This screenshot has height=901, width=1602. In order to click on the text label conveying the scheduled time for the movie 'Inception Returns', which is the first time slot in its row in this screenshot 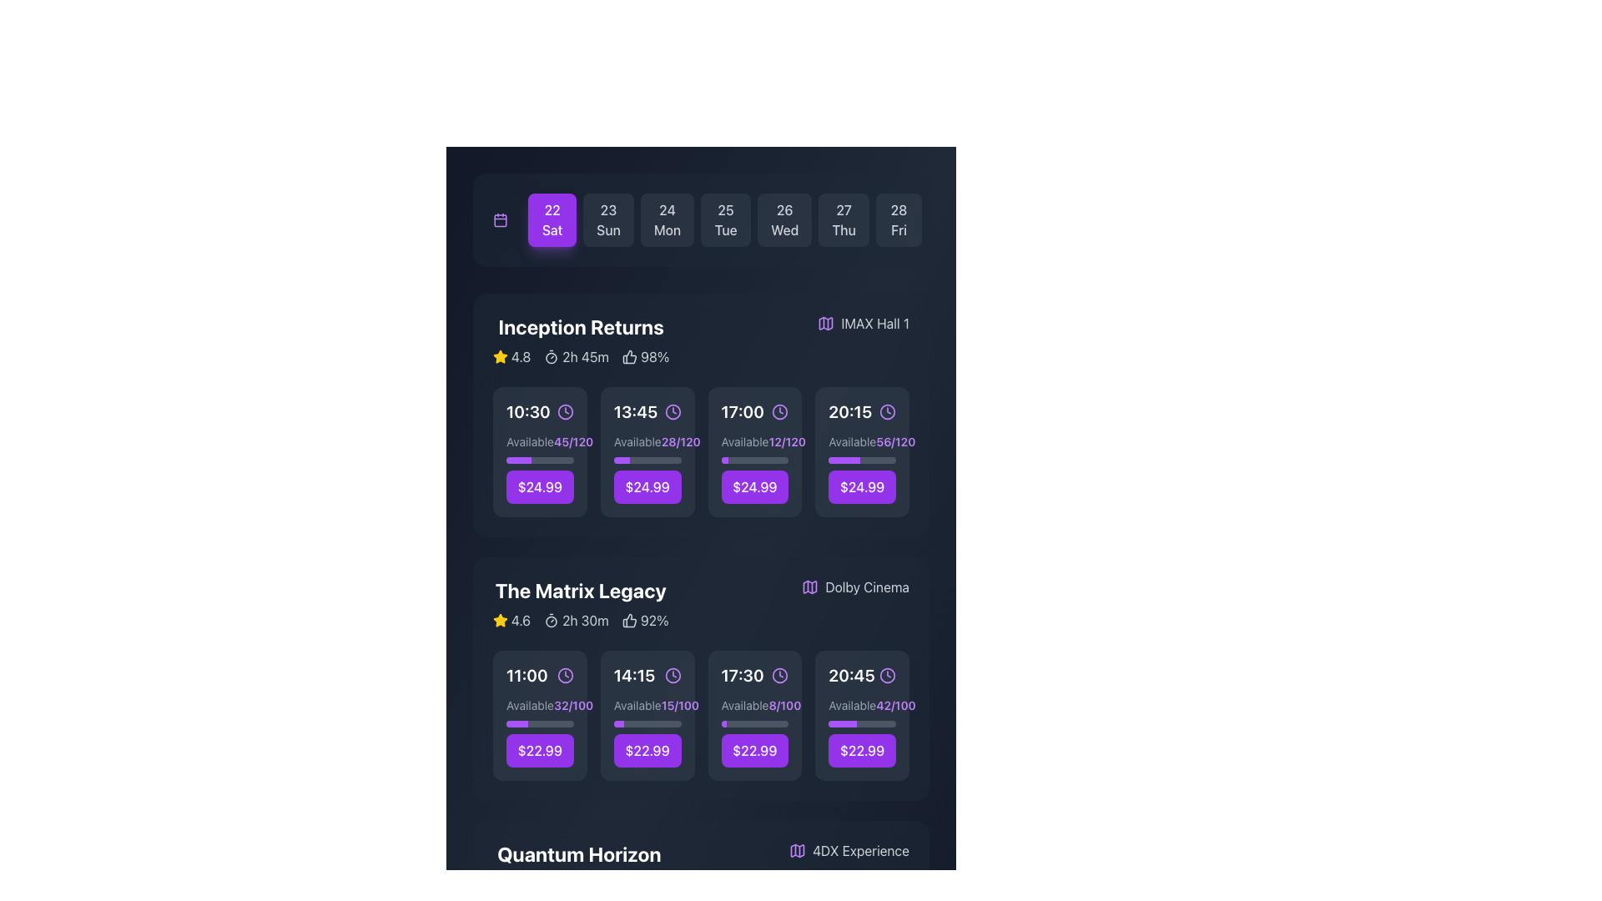, I will do `click(527, 411)`.